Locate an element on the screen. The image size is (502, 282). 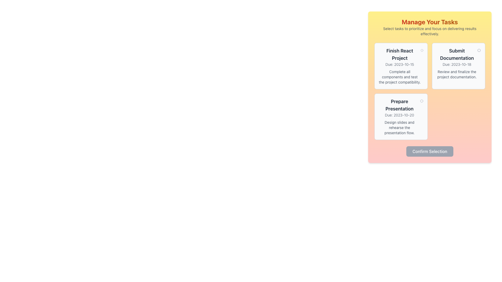
the confirmation button located at the bottom of the 'Manage Your Tasks' section, which allows users to finalize their selection of tasks is located at coordinates (430, 151).